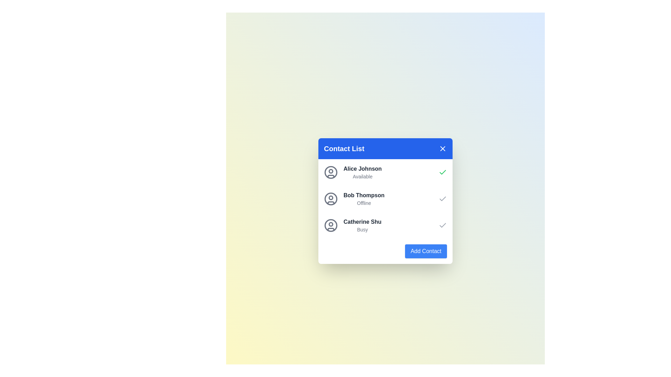 The width and height of the screenshot is (671, 377). What do you see at coordinates (352, 225) in the screenshot?
I see `the contact item Catherine Shu to highlight it` at bounding box center [352, 225].